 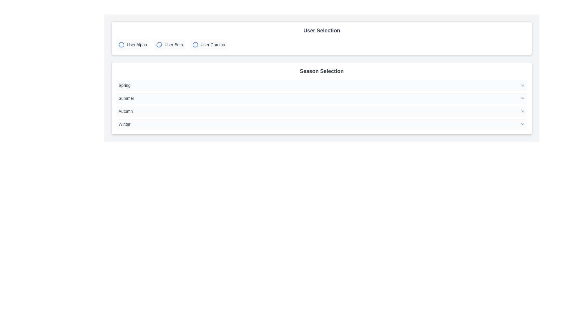 I want to click on the 'User Gamma' selectable option in the 'User Selection' group, which is the third radio button styled element located centrally in the upper portion of the interface, so click(x=209, y=44).